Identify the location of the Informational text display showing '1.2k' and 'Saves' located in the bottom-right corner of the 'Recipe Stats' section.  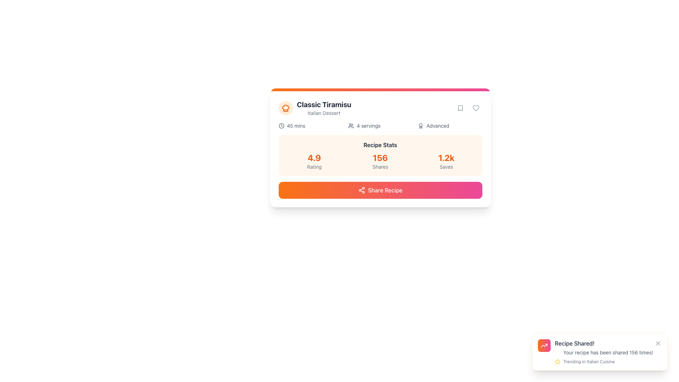
(446, 161).